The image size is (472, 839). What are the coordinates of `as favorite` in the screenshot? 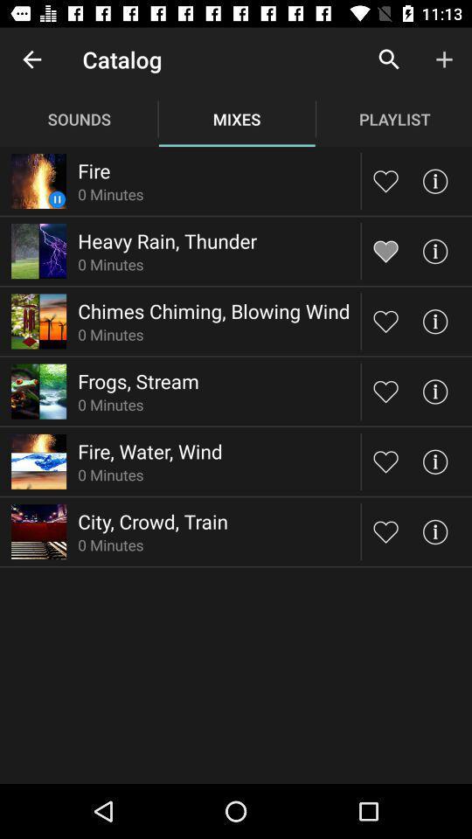 It's located at (385, 250).